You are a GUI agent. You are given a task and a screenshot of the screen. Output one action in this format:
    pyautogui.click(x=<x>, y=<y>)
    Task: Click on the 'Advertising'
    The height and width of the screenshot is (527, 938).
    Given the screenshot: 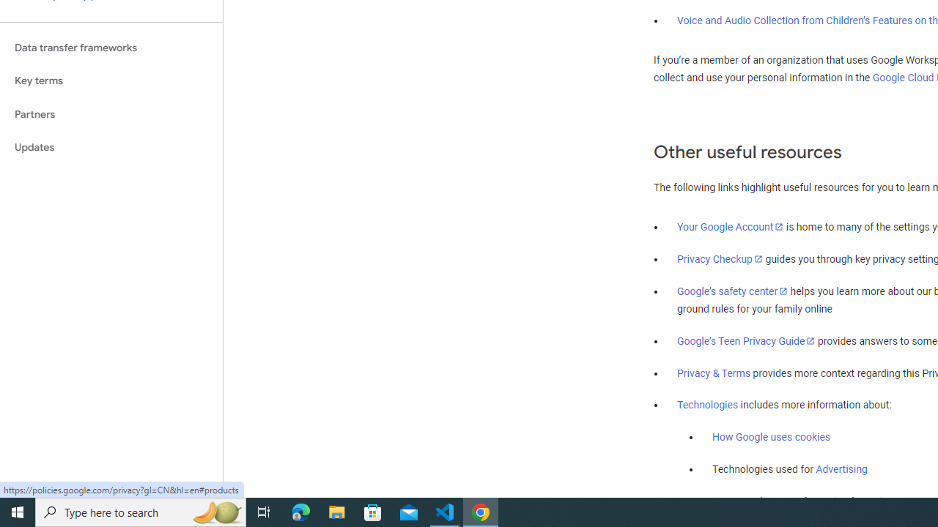 What is the action you would take?
    pyautogui.click(x=841, y=469)
    